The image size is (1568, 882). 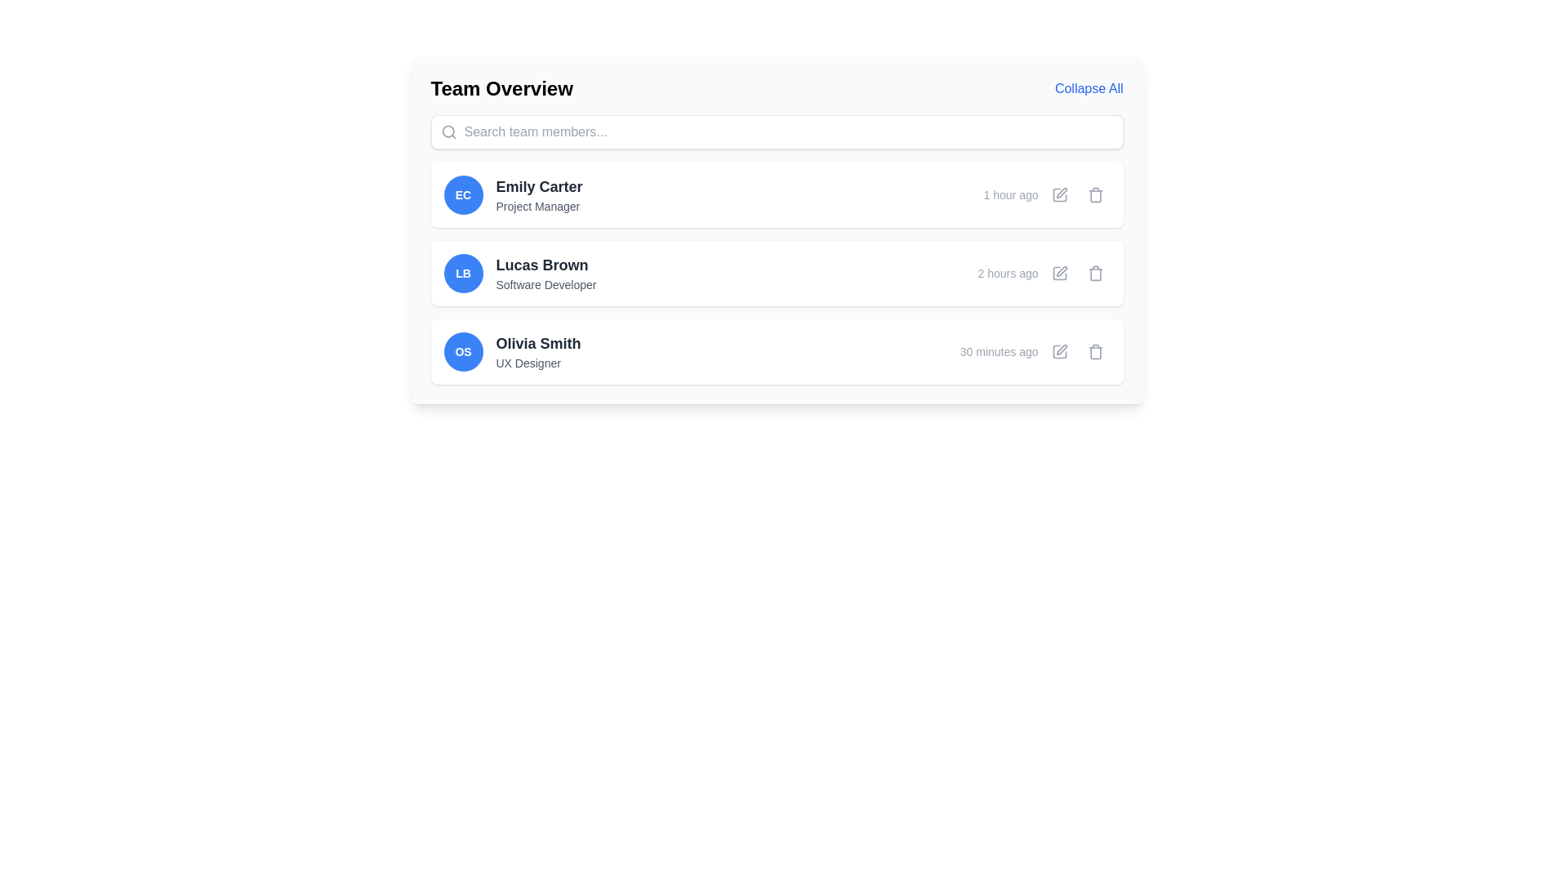 I want to click on the Icon button styled for editing located next to the timestamp '1 hour ago' associated with 'Emily Carter, Project Manager', so click(x=1059, y=194).